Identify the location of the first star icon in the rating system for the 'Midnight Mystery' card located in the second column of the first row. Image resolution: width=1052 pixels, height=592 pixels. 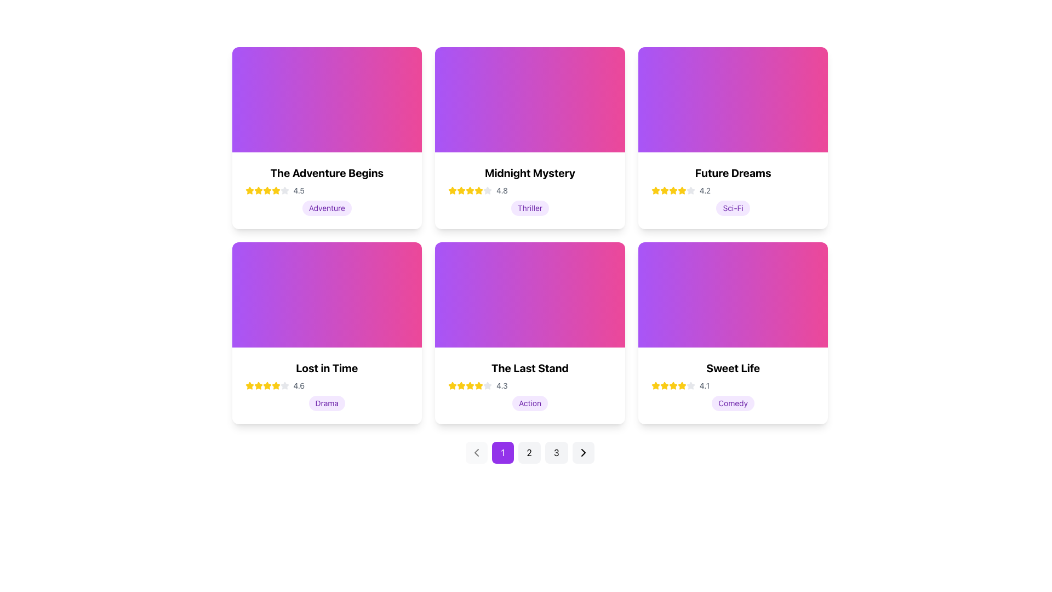
(453, 190).